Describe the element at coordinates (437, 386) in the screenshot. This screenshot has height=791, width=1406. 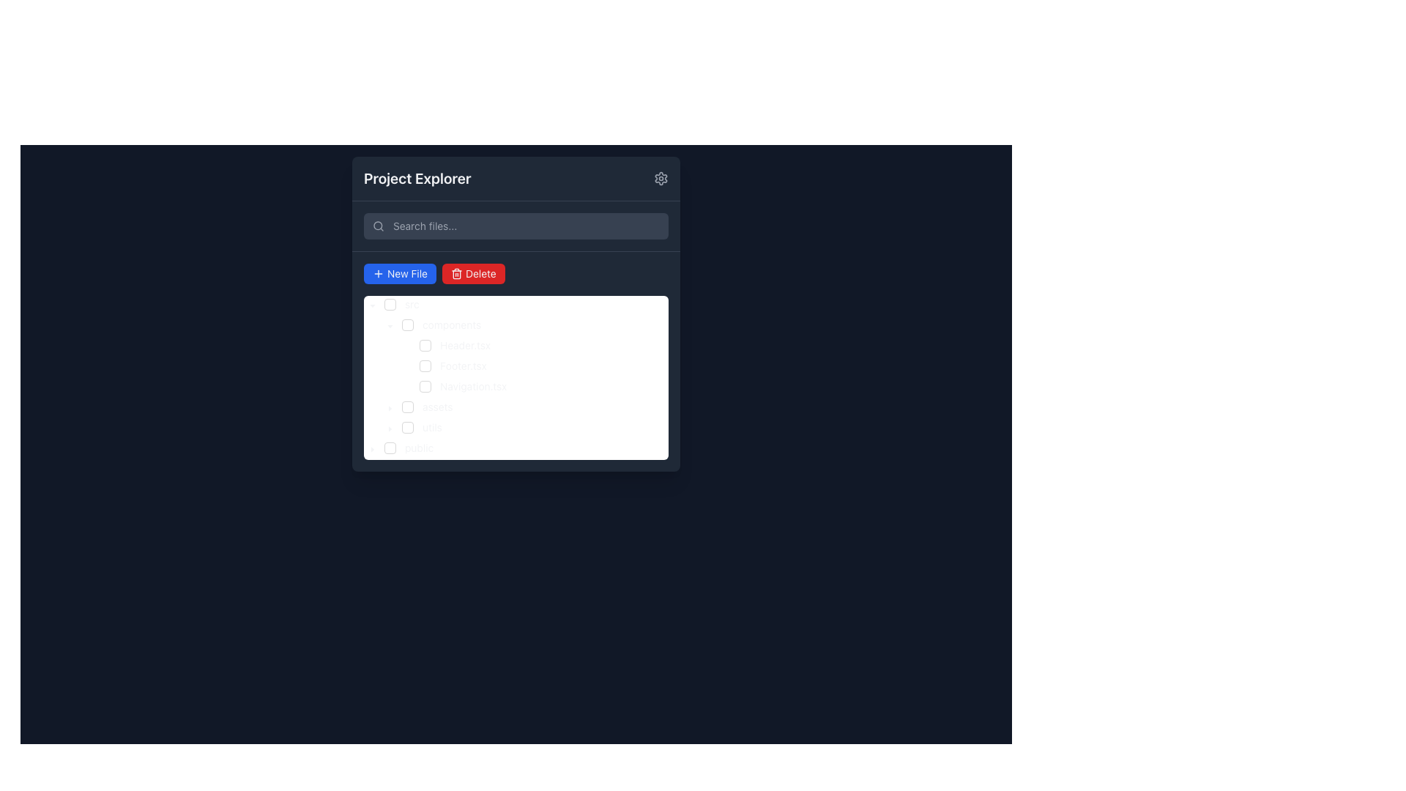
I see `the Tree item representing the file 'Navigation.tsx'` at that location.